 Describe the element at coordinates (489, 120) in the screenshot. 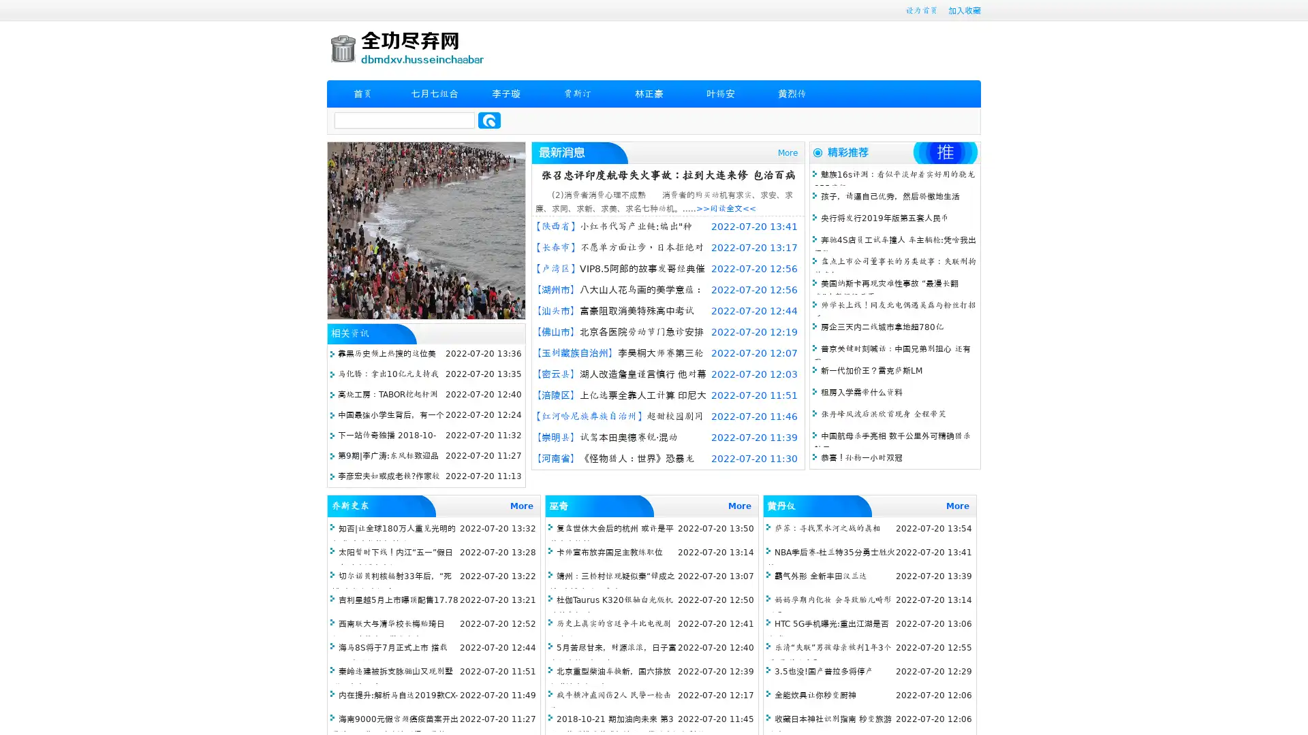

I see `Search` at that location.